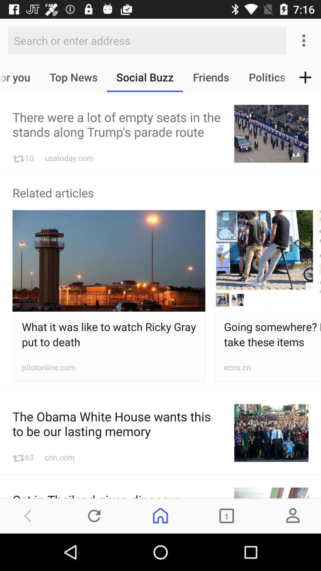 This screenshot has height=571, width=321. Describe the element at coordinates (305, 77) in the screenshot. I see `the add icon` at that location.